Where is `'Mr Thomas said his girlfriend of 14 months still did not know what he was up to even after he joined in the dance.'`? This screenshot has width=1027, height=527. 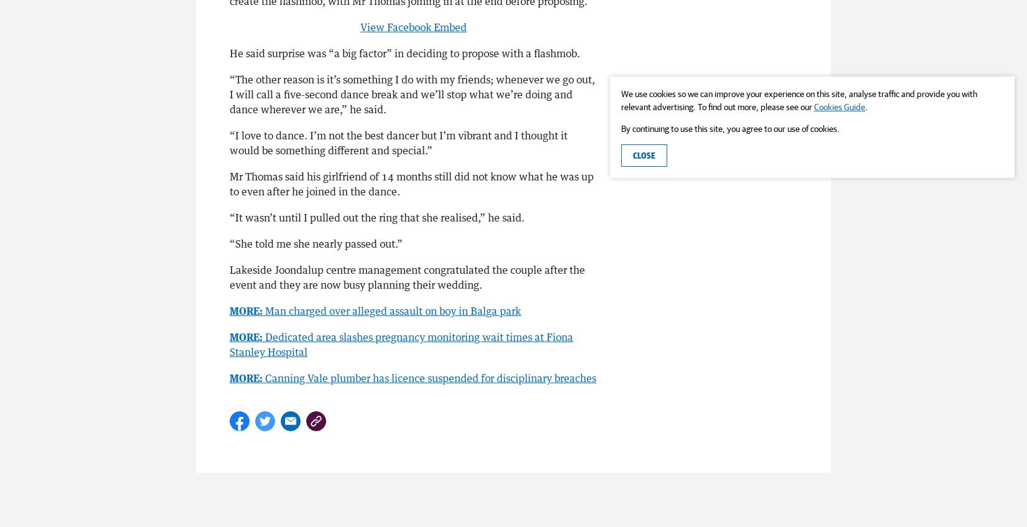
'Mr Thomas said his girlfriend of 14 months still did not know what he was up to even after he joined in the dance.' is located at coordinates (411, 182).